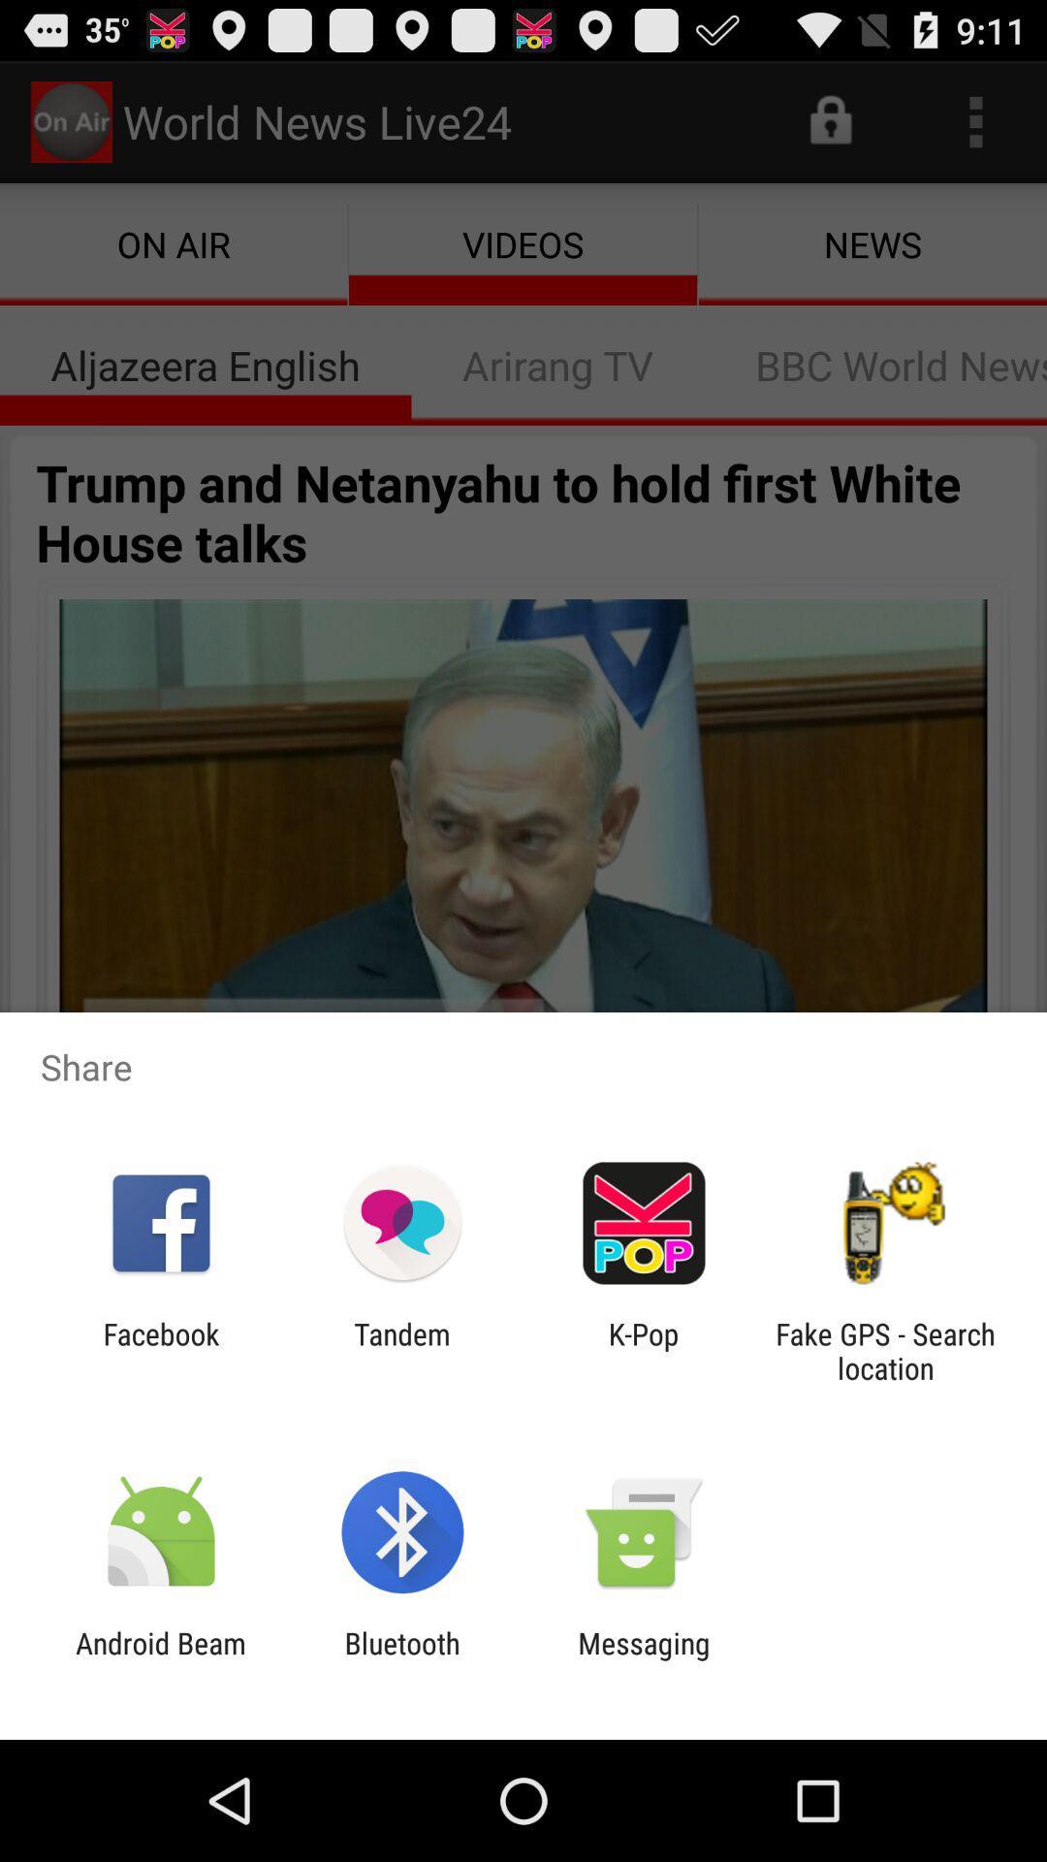 The image size is (1047, 1862). What do you see at coordinates (644, 1350) in the screenshot?
I see `item next to tandem item` at bounding box center [644, 1350].